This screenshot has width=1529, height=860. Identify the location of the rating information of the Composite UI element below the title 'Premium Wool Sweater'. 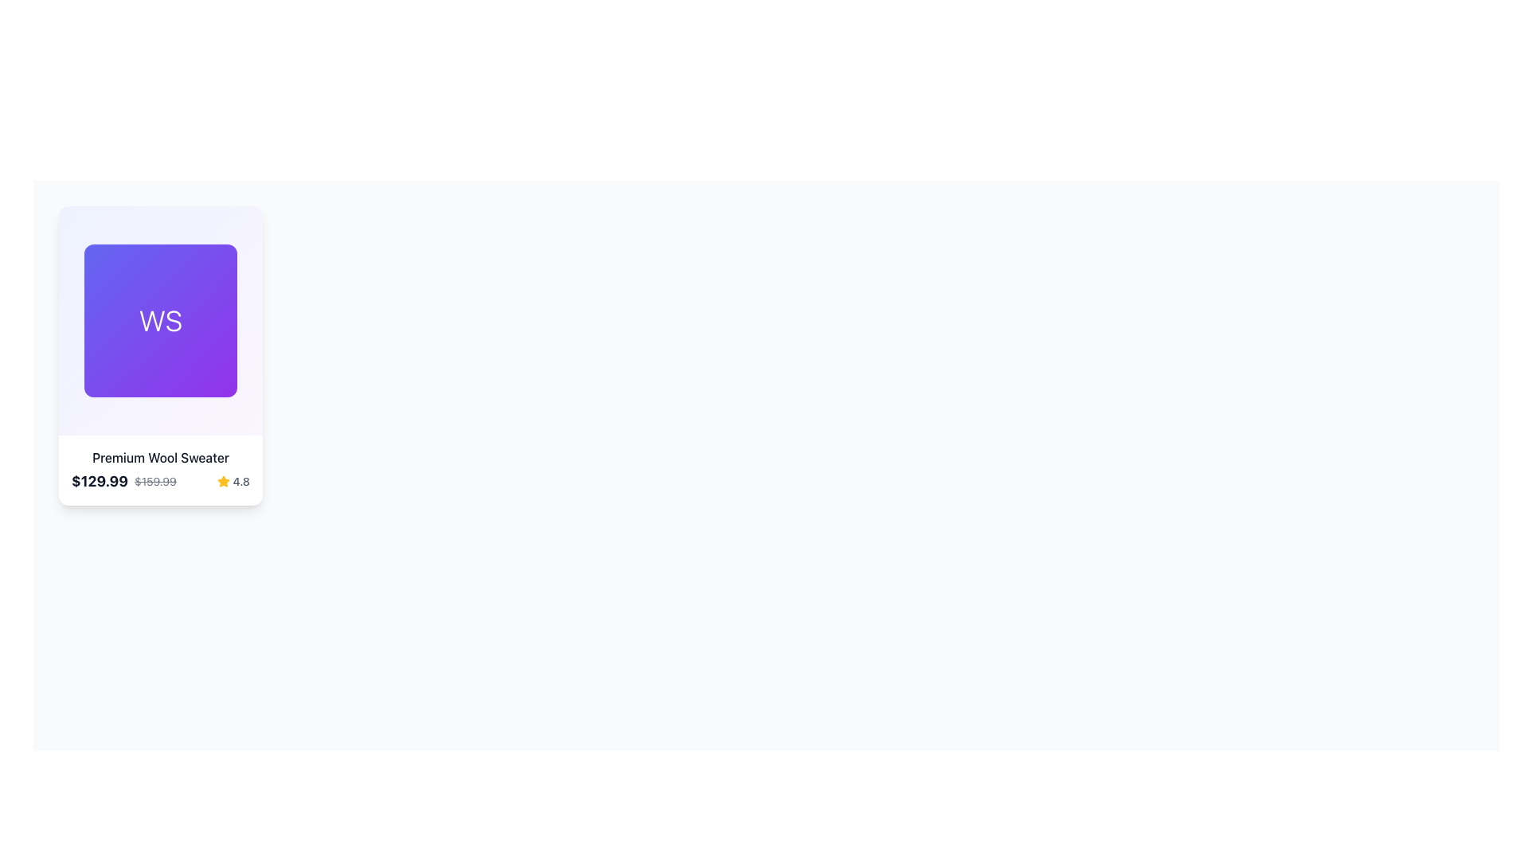
(160, 481).